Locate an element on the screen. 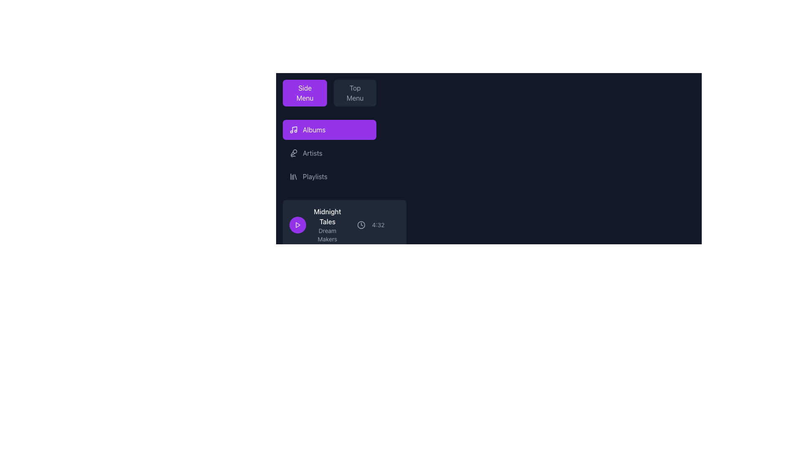 Image resolution: width=802 pixels, height=451 pixels. the first navigation button on the left is located at coordinates (305, 93).